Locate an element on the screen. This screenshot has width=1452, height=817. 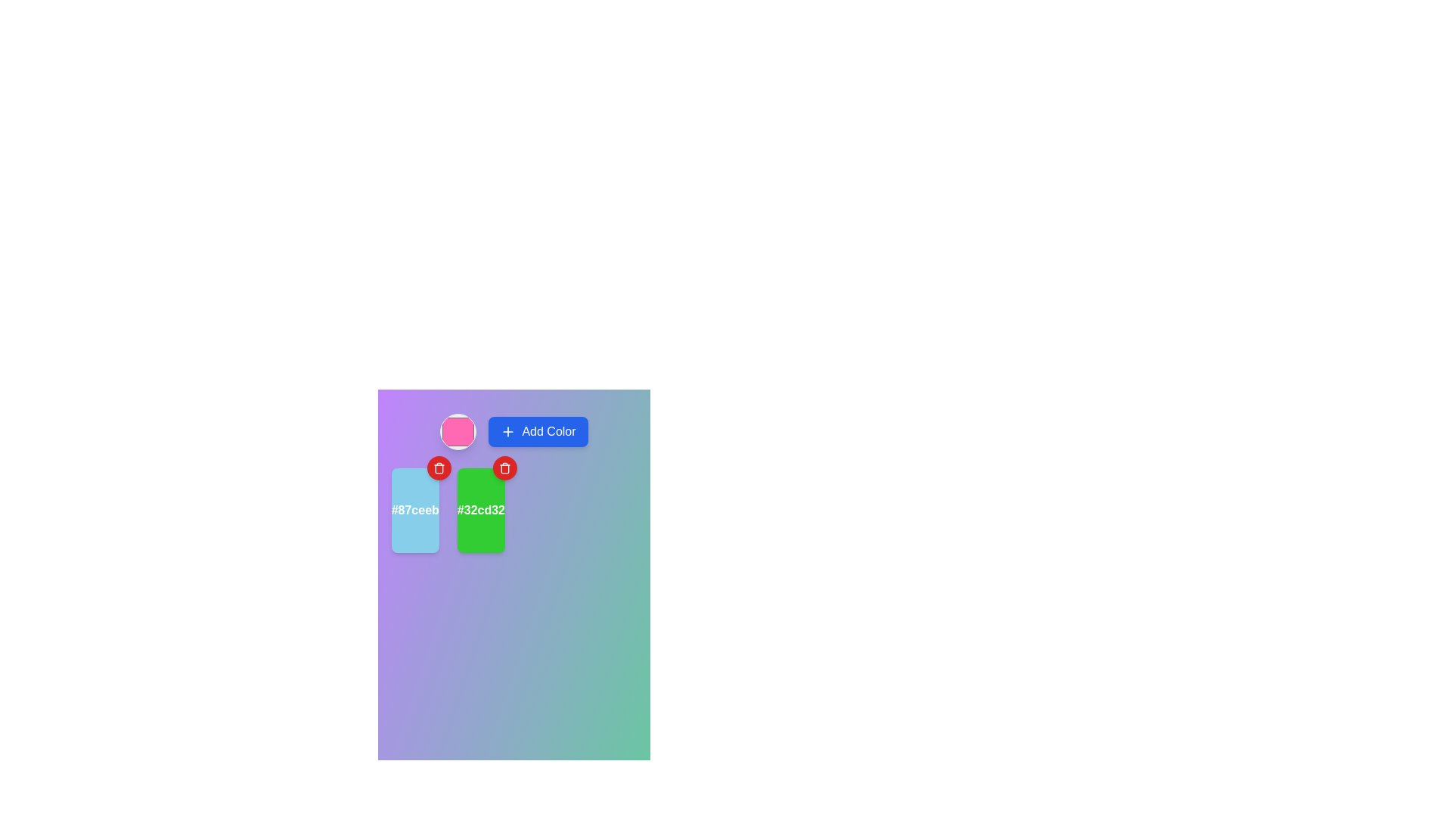
the circular pink button with a raised appearance is located at coordinates (458, 431).